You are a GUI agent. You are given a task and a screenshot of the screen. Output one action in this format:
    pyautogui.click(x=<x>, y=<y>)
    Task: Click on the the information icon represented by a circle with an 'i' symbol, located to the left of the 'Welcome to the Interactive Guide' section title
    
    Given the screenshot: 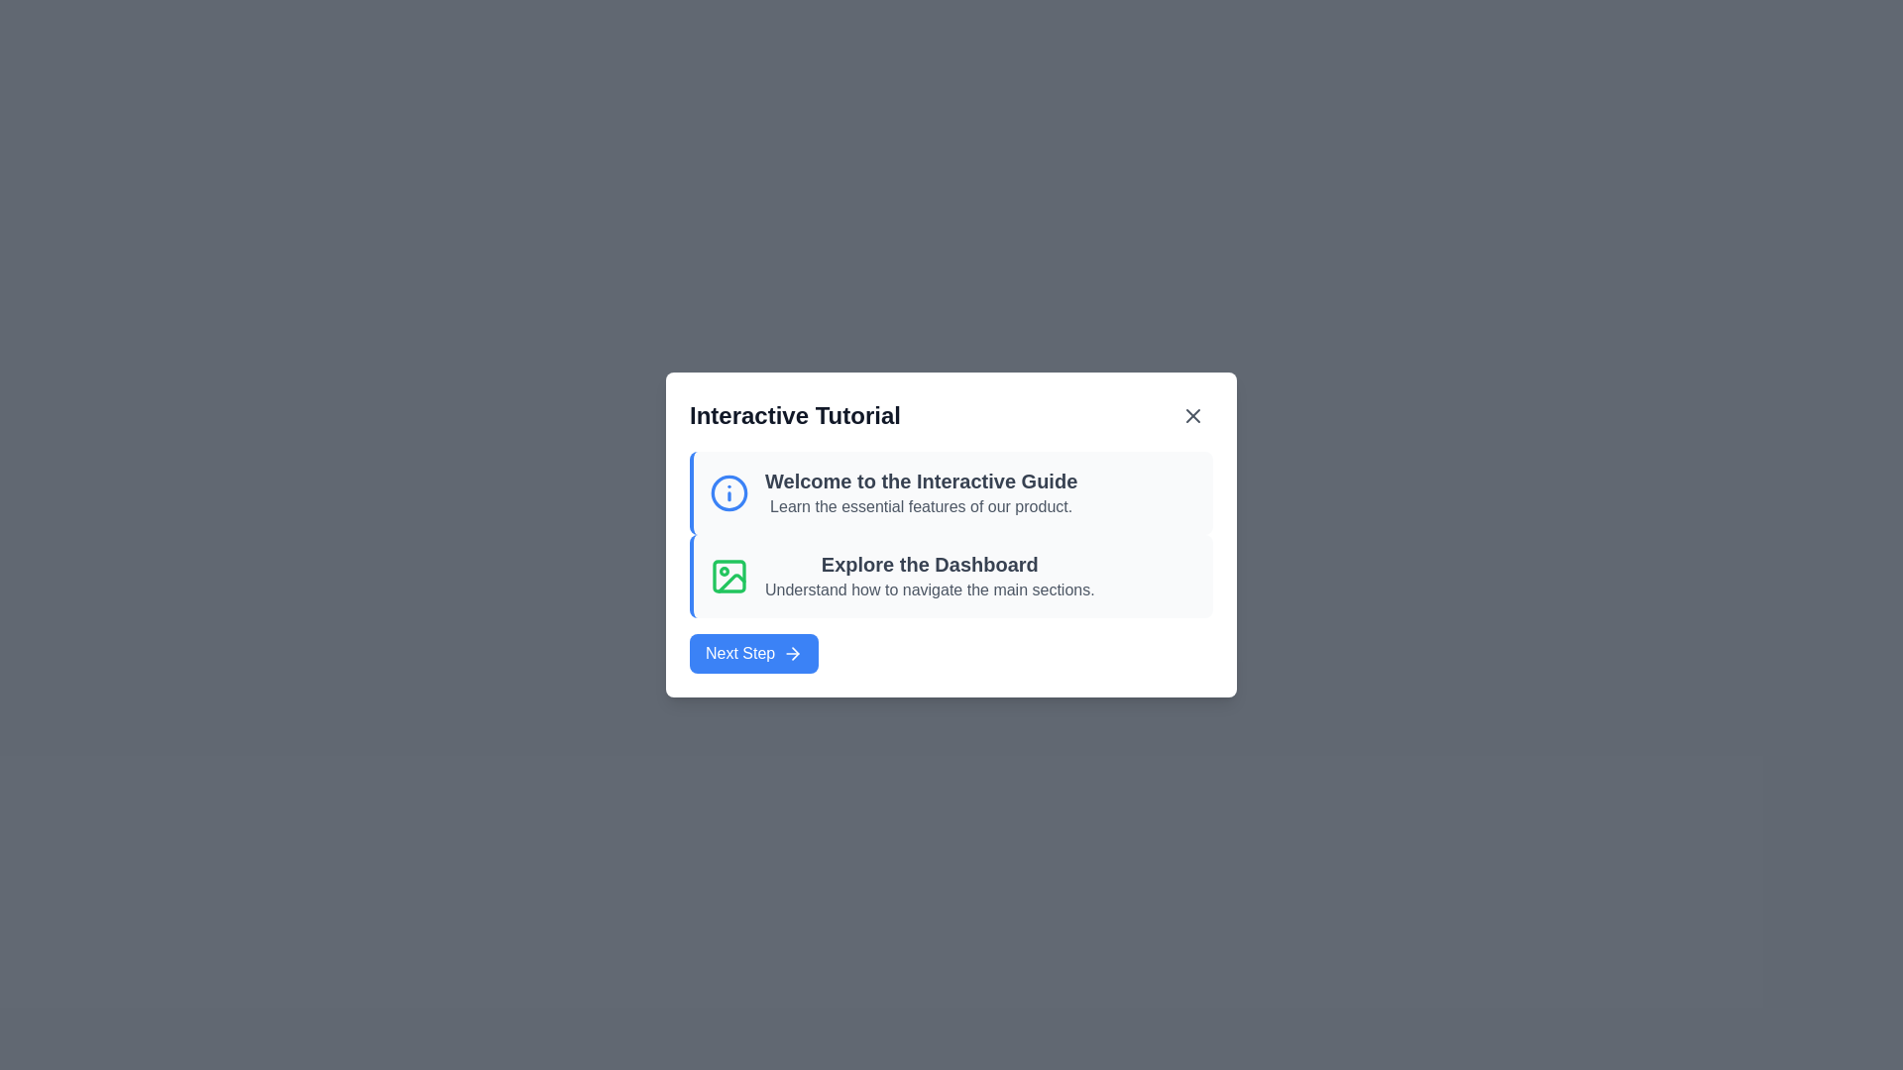 What is the action you would take?
    pyautogui.click(x=728, y=491)
    